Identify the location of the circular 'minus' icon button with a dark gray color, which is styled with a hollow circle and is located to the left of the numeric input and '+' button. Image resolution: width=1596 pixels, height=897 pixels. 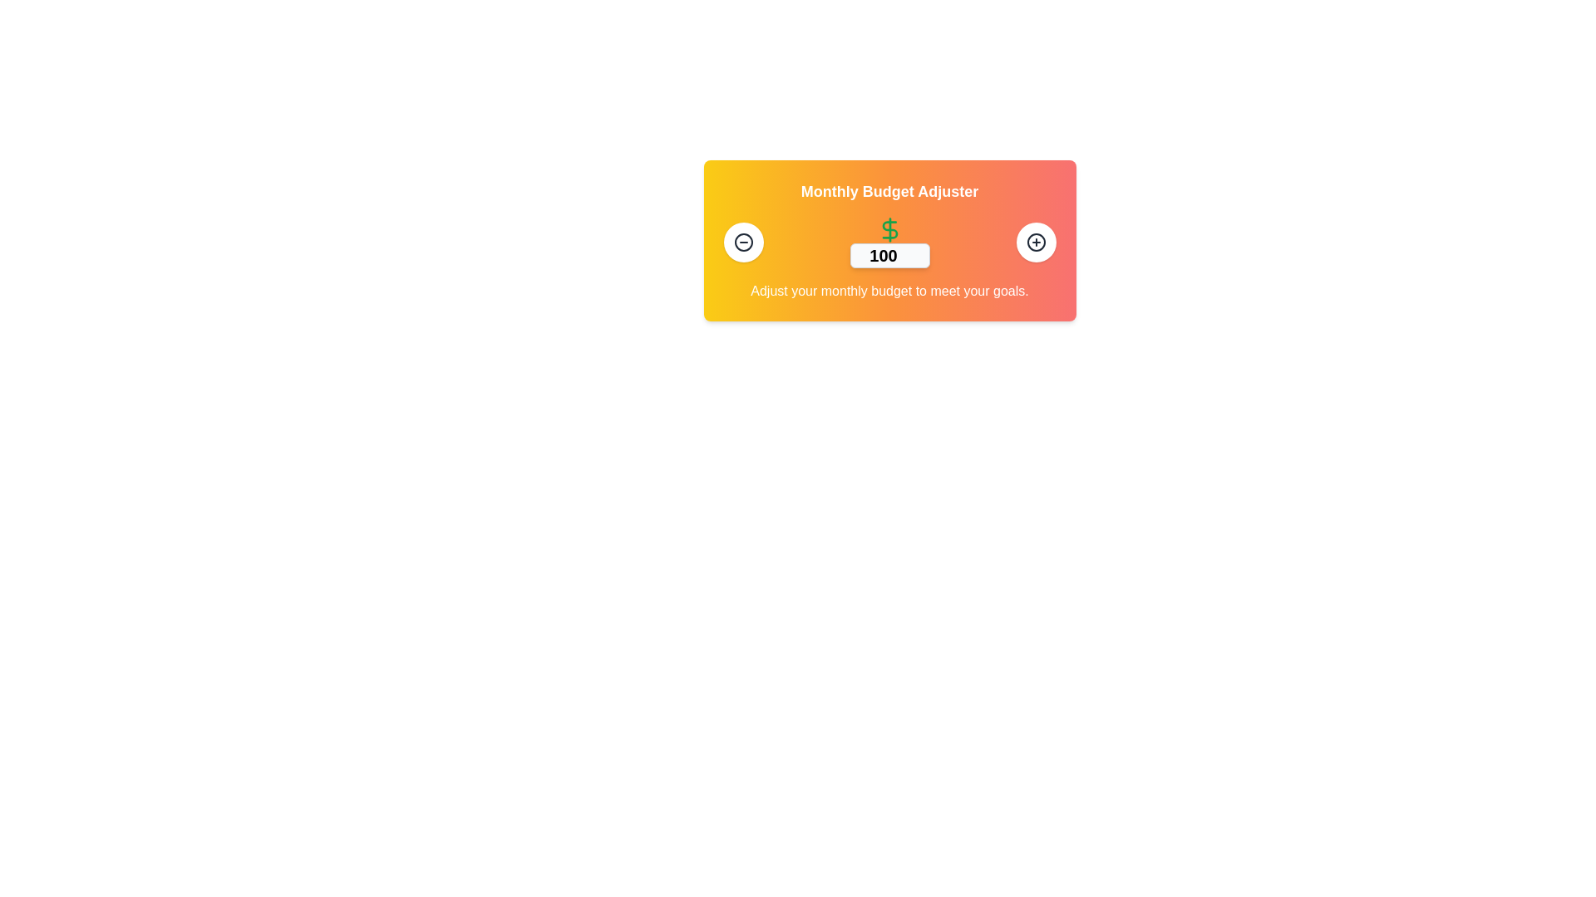
(742, 243).